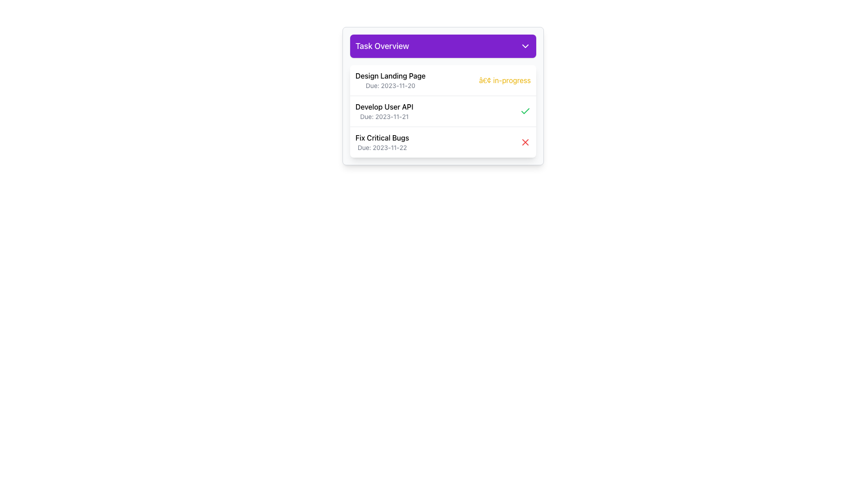 The height and width of the screenshot is (485, 863). Describe the element at coordinates (525, 46) in the screenshot. I see `the downward-pointing chevron icon with a purple background located on the right side of the 'Task Overview' section header` at that location.